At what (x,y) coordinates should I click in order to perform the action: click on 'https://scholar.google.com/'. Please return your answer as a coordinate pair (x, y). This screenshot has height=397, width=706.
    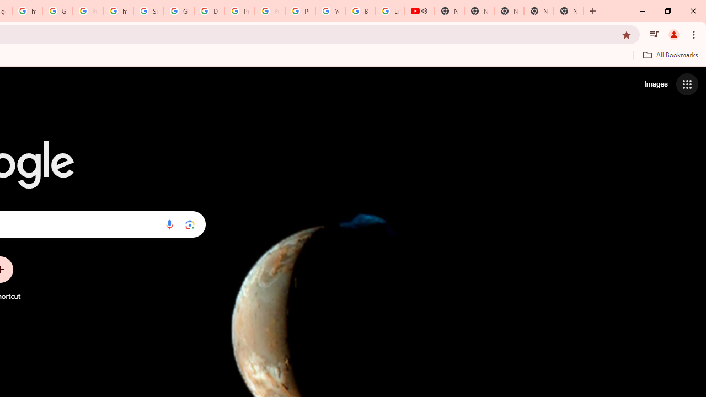
    Looking at the image, I should click on (118, 11).